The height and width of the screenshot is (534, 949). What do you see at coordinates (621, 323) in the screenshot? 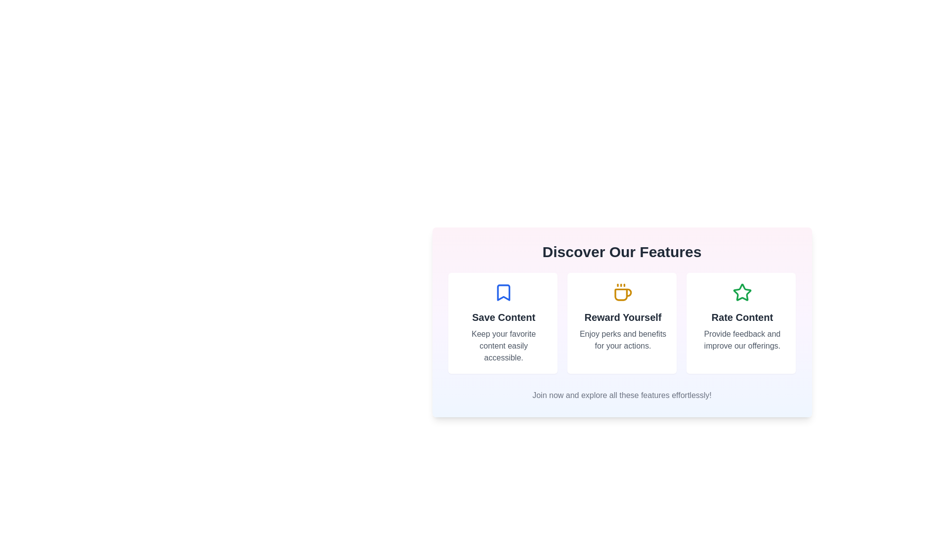
I see `the Hyperlink card located in the second column under the 'Discover Our Features' header` at bounding box center [621, 323].